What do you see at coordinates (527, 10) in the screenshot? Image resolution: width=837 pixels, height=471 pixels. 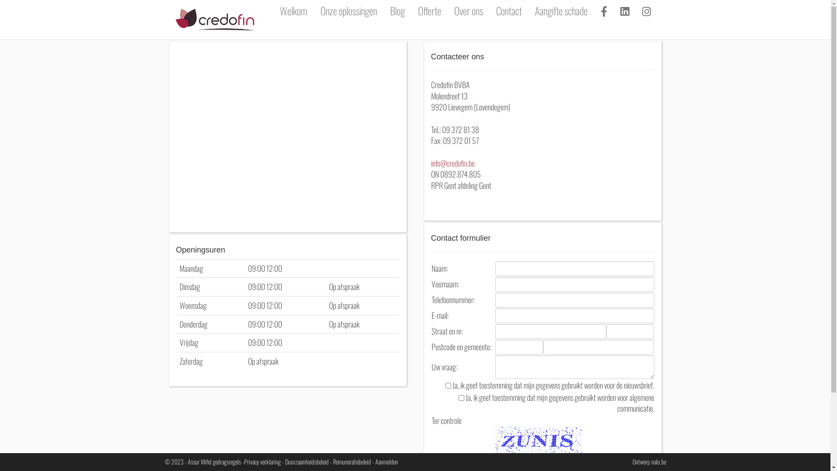 I see `'Aangifte schade'` at bounding box center [527, 10].